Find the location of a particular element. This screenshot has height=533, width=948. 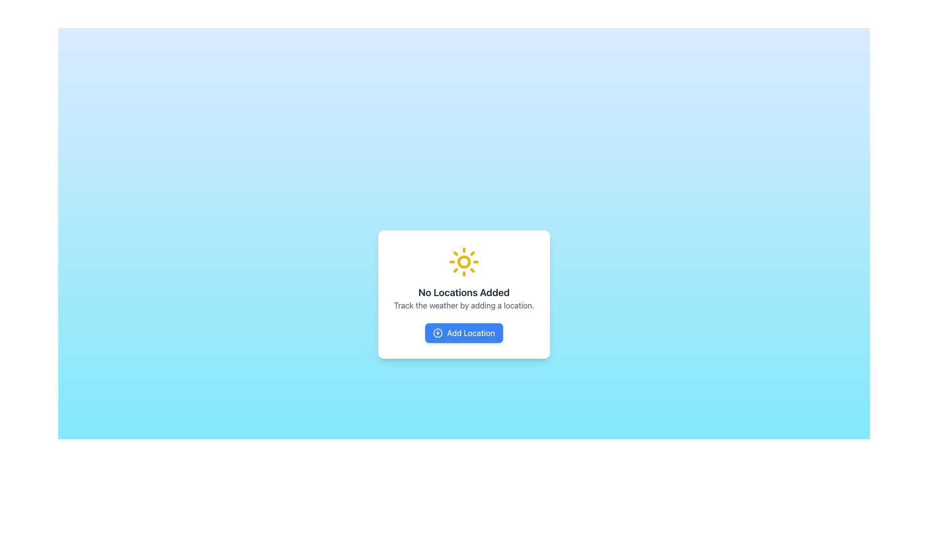

the sun icon, which is centrally located at the top of the feature box, above the text 'No Locations Added' is located at coordinates (464, 262).